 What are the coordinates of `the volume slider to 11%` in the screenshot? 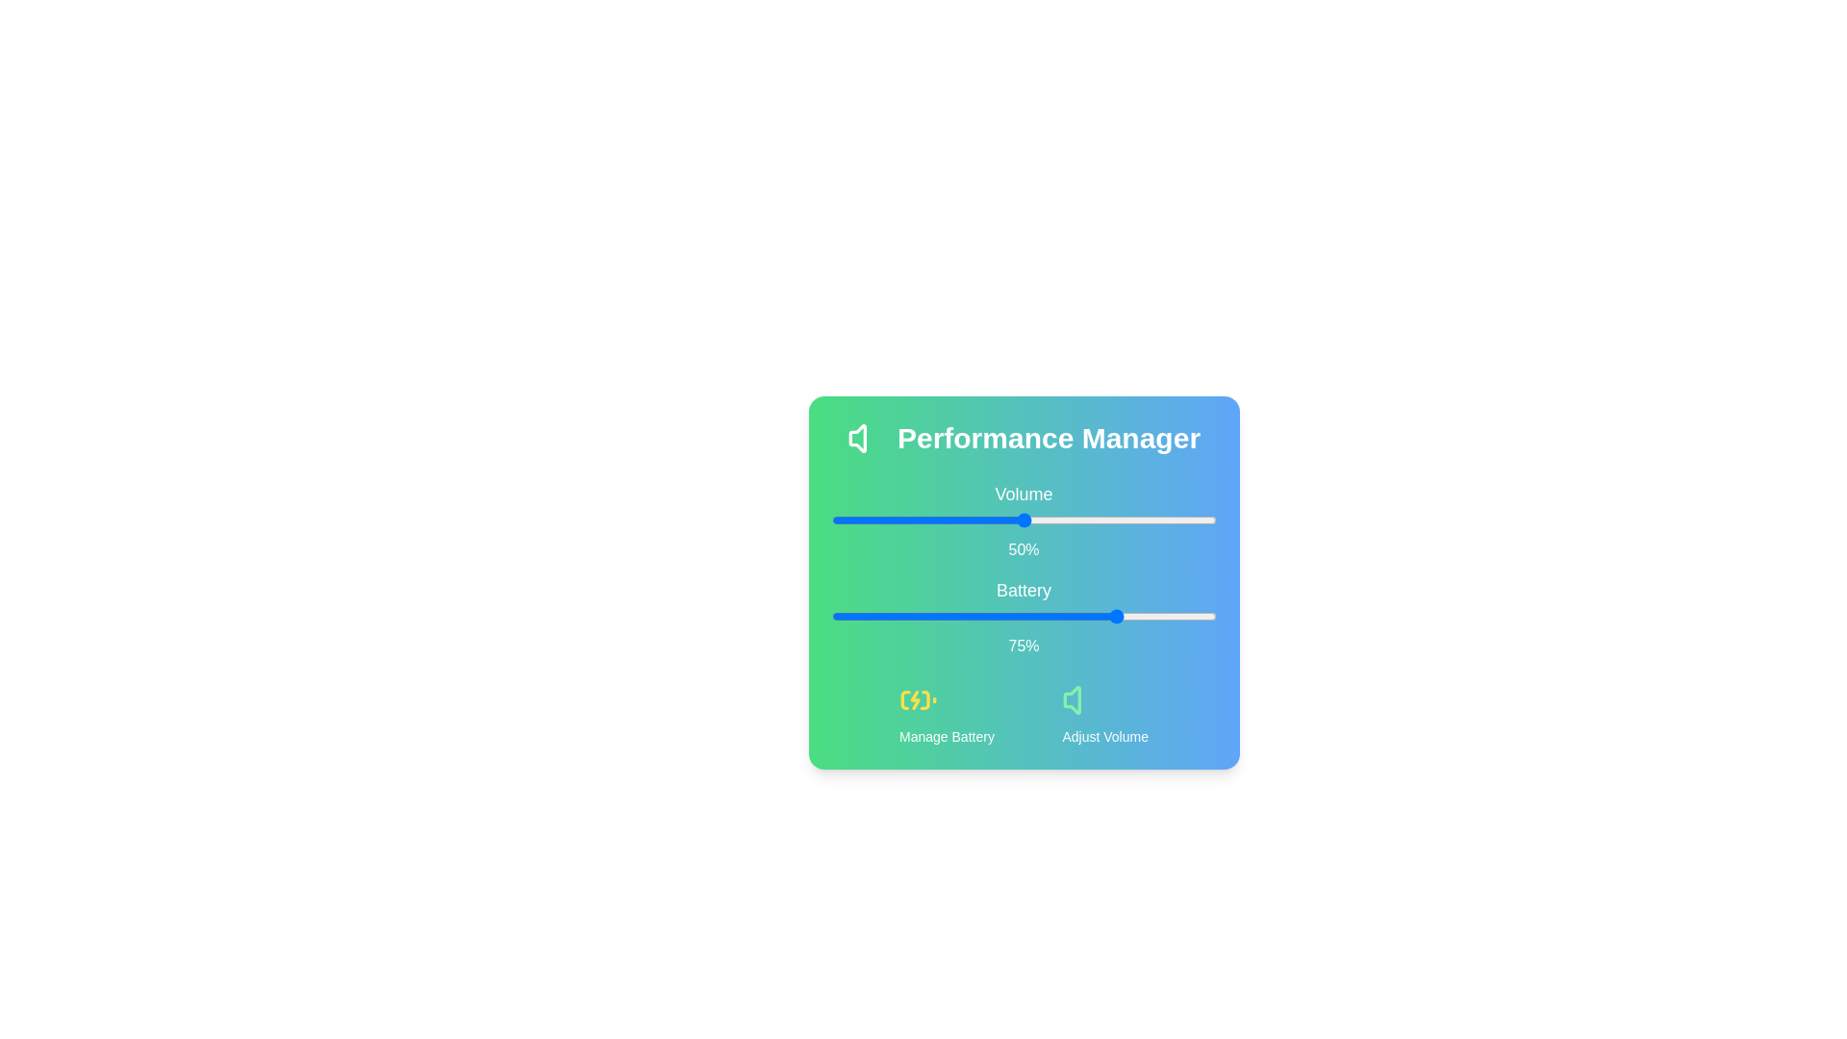 It's located at (873, 519).